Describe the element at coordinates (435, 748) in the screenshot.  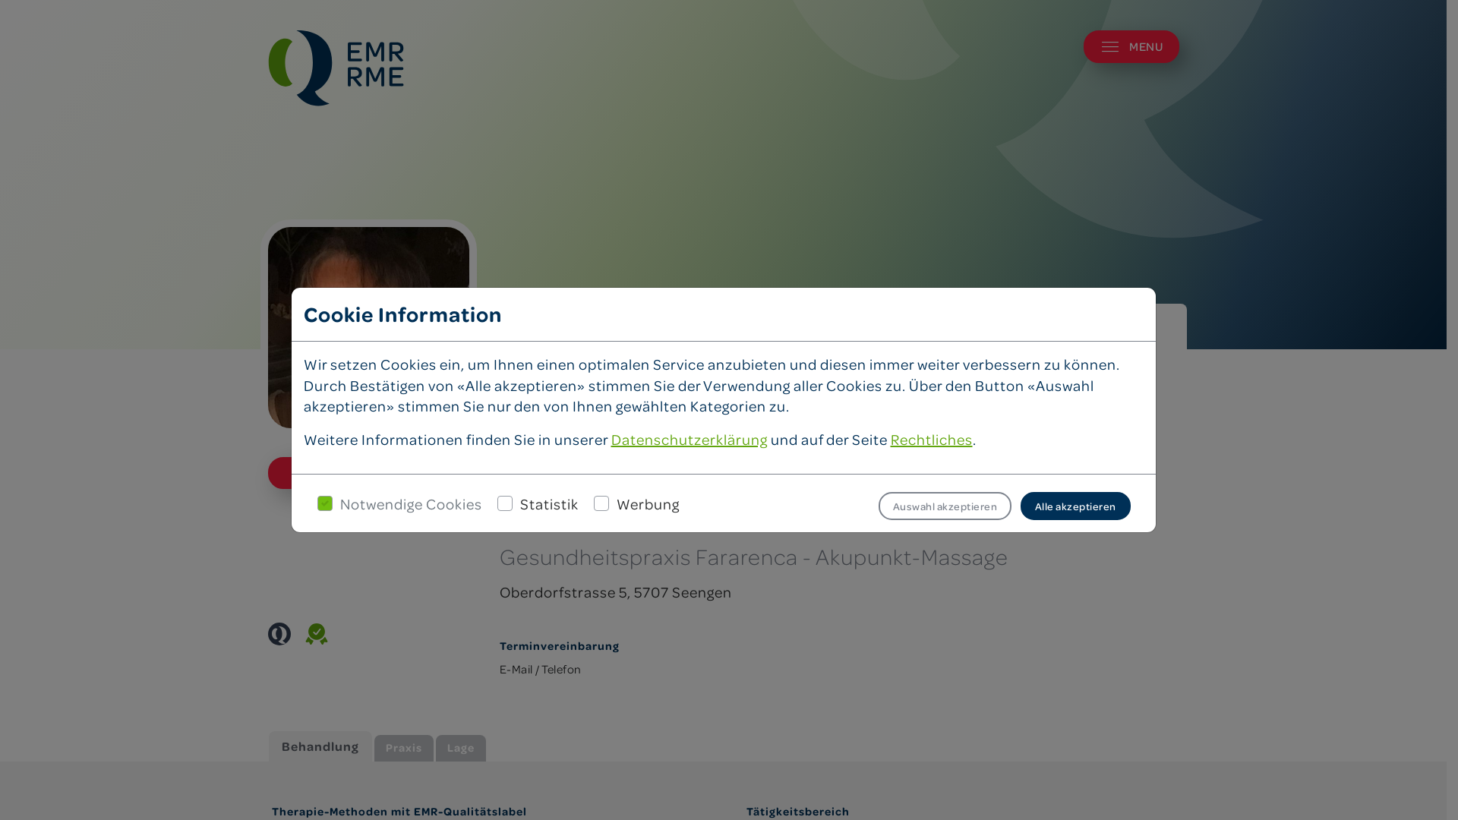
I see `'Lage'` at that location.